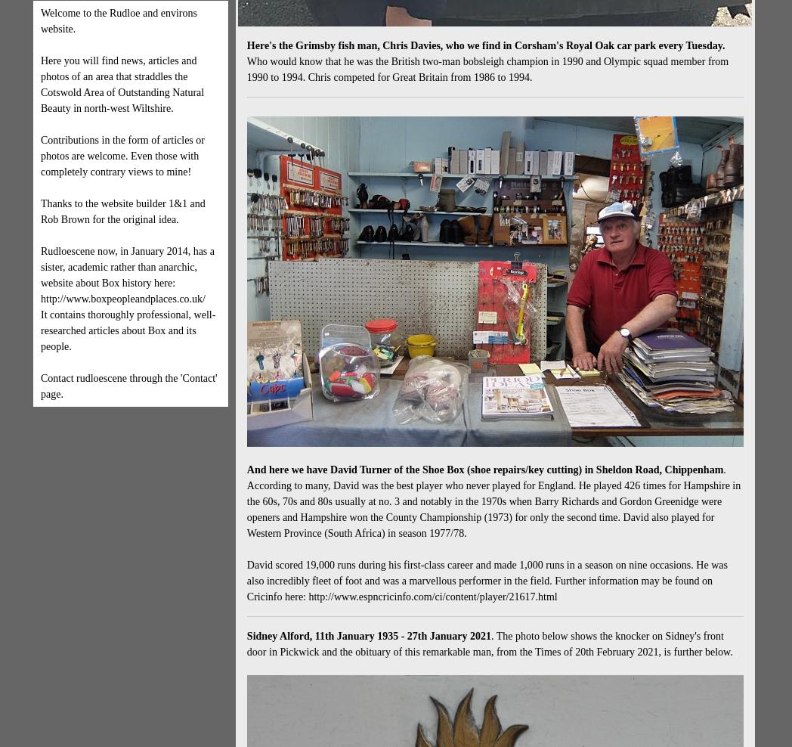 This screenshot has width=792, height=747. I want to click on 'It contains thoroughly professional, well-researched articles about Box and its people.', so click(128, 330).